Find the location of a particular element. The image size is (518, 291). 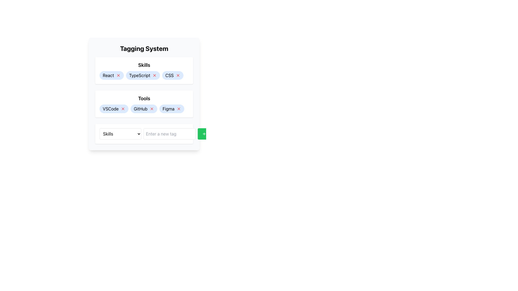

the 'CSS' tag in the tagging system is located at coordinates (173, 75).